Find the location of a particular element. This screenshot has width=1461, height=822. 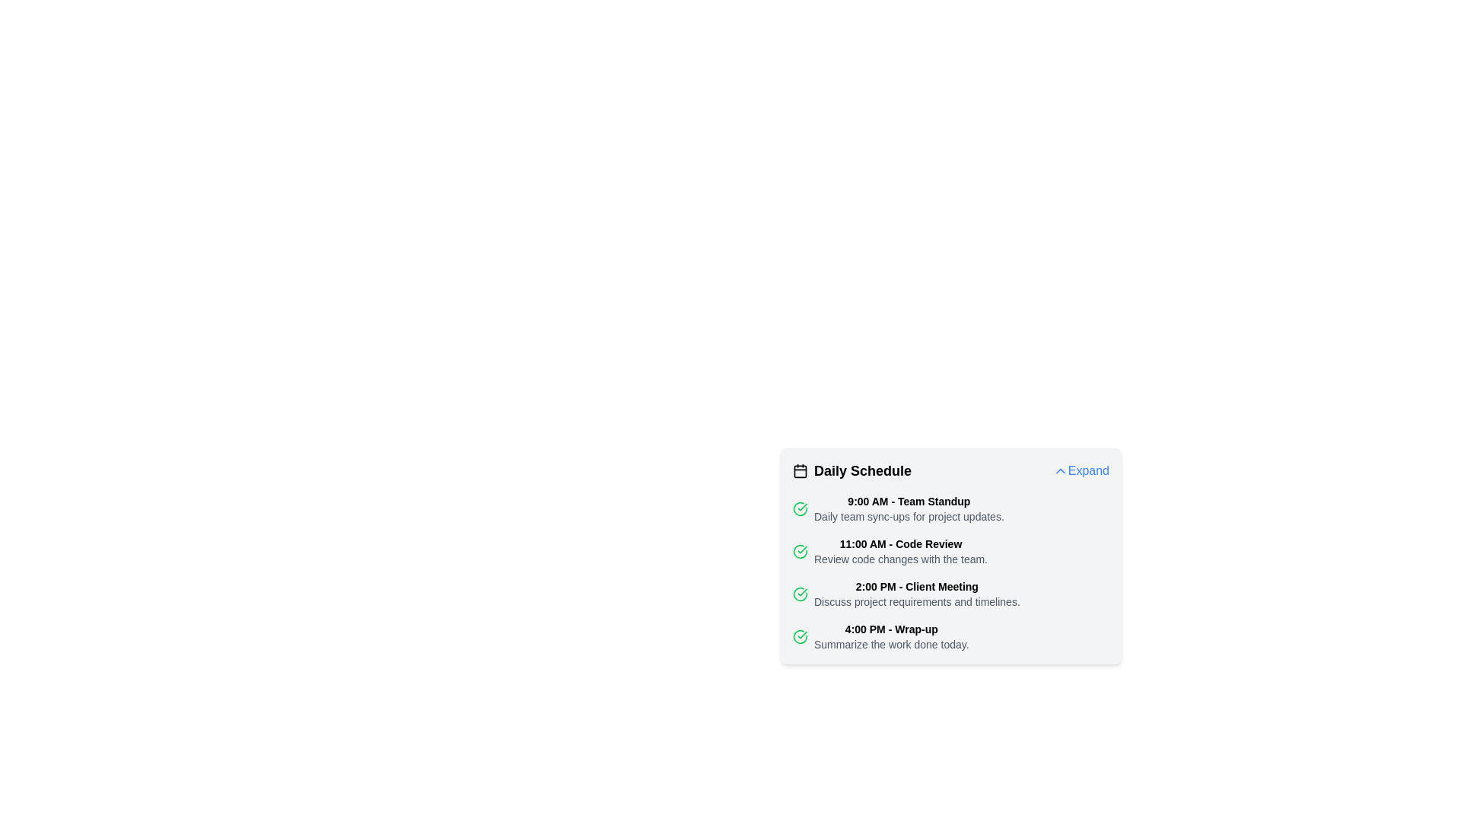

the second item in the 'Daily Schedule' section is located at coordinates (950, 552).